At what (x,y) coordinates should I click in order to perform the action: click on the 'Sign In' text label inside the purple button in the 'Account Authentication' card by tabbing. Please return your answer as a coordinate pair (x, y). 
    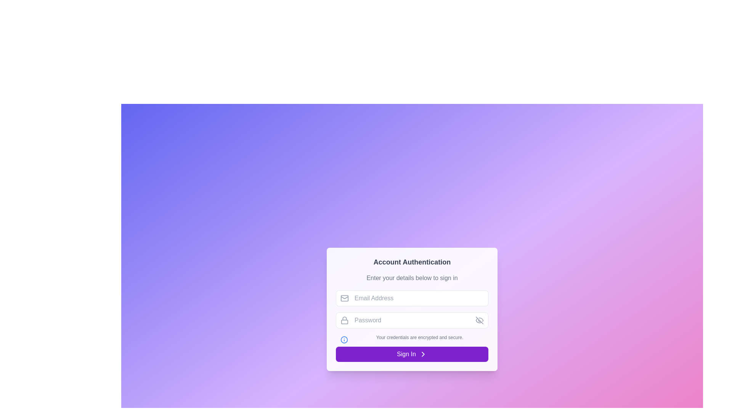
    Looking at the image, I should click on (406, 354).